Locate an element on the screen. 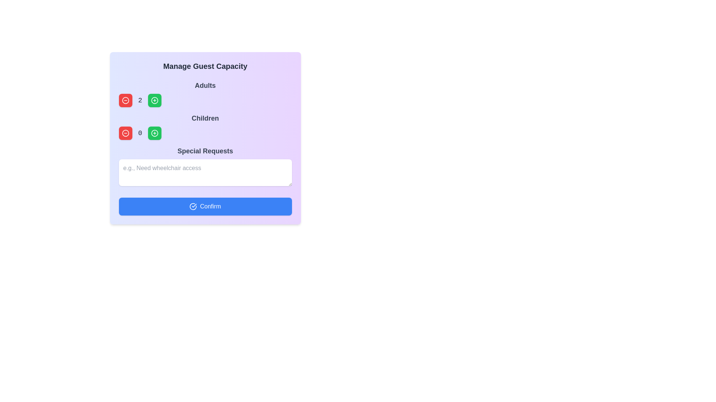 The height and width of the screenshot is (402, 716). the circular green button with a white plus icon located to the right of the textual label '2' in the 'Adults' section of the form to observe hover effects is located at coordinates (154, 100).